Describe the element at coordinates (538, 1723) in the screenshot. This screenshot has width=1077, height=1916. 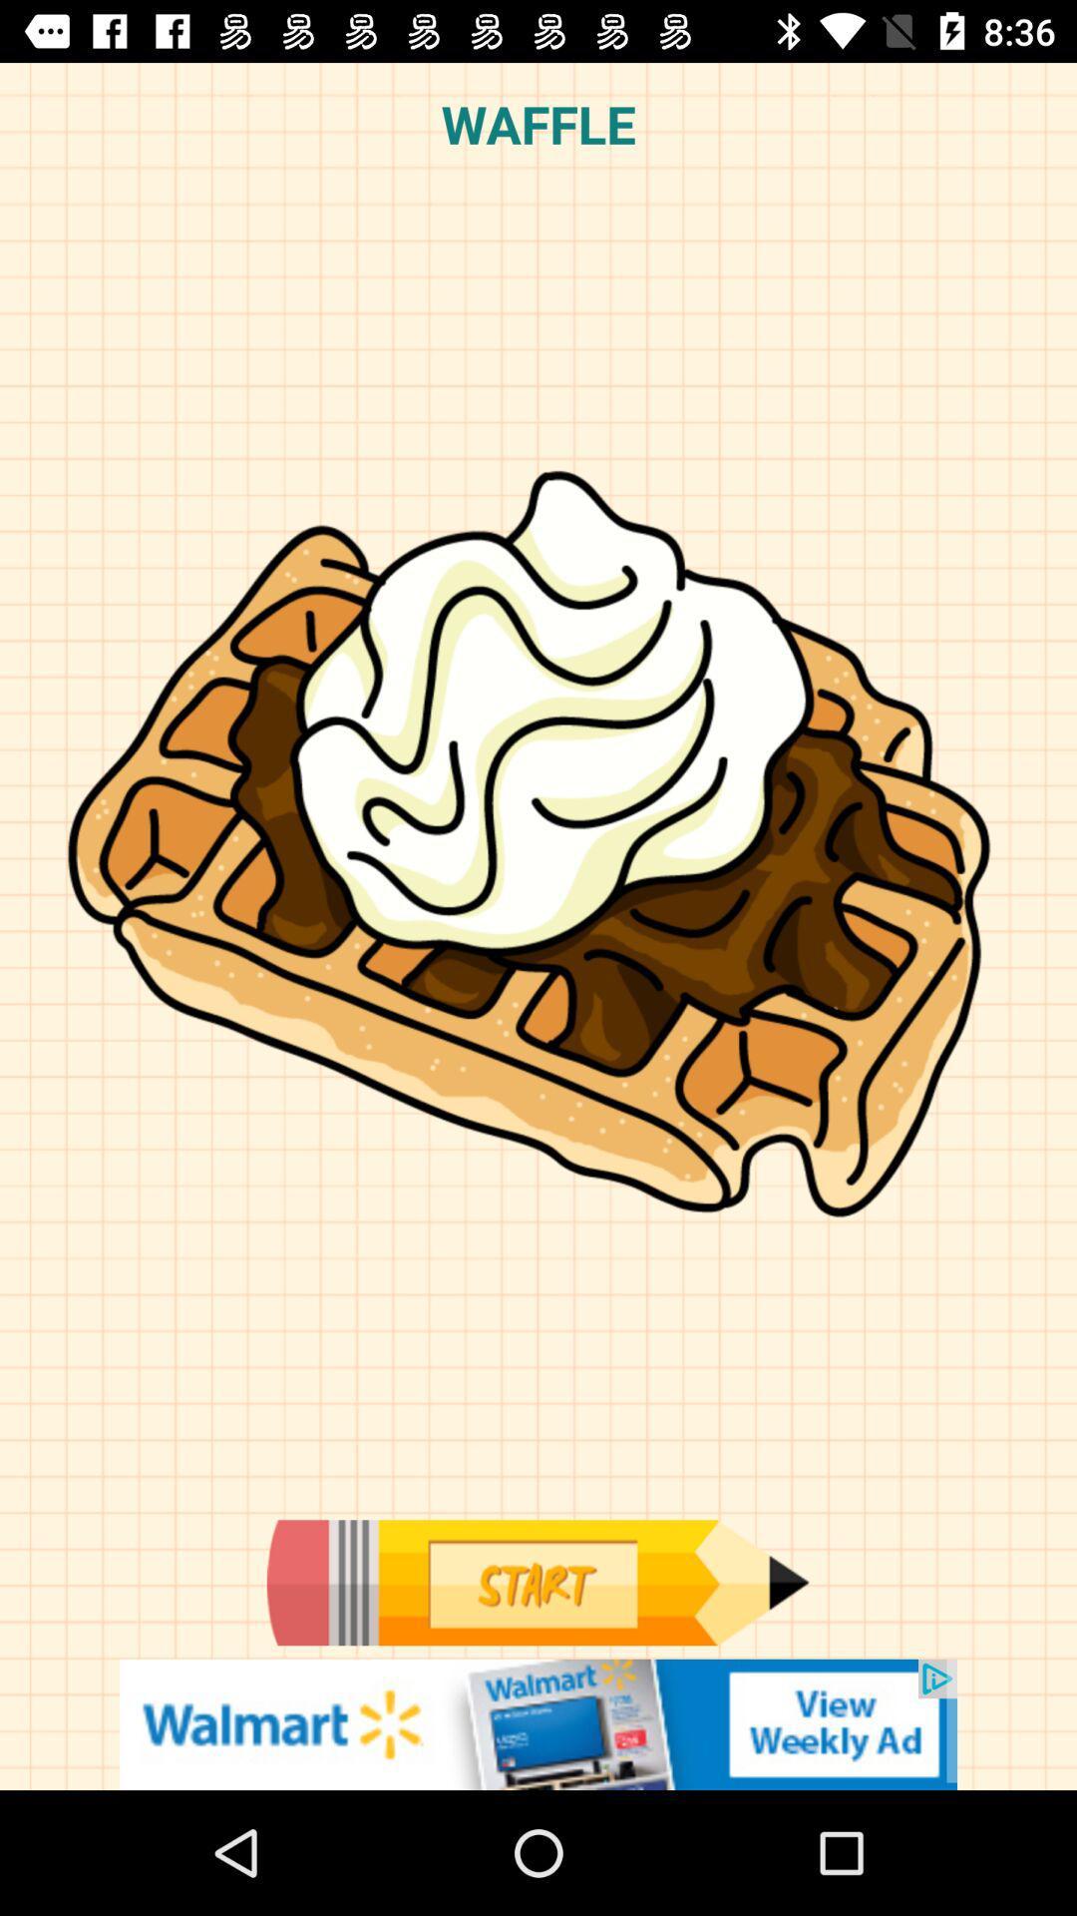
I see `advertisement banner would take off site` at that location.